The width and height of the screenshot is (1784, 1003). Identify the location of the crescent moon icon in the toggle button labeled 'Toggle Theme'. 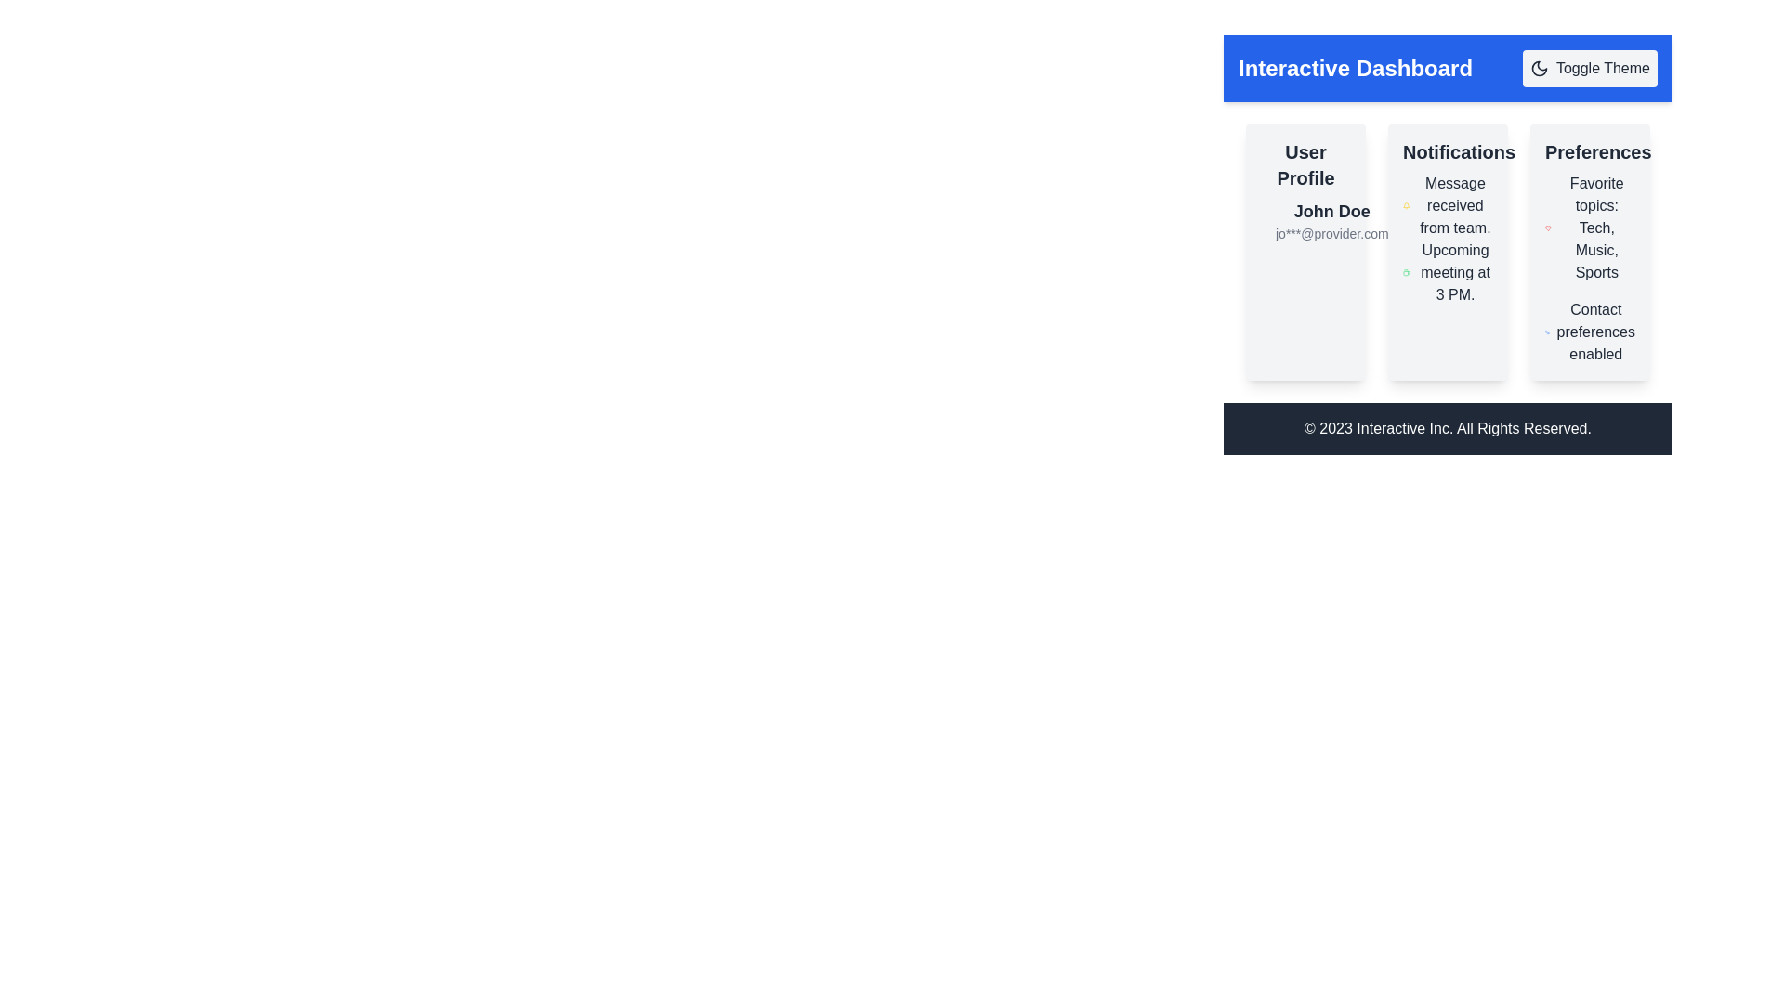
(1539, 67).